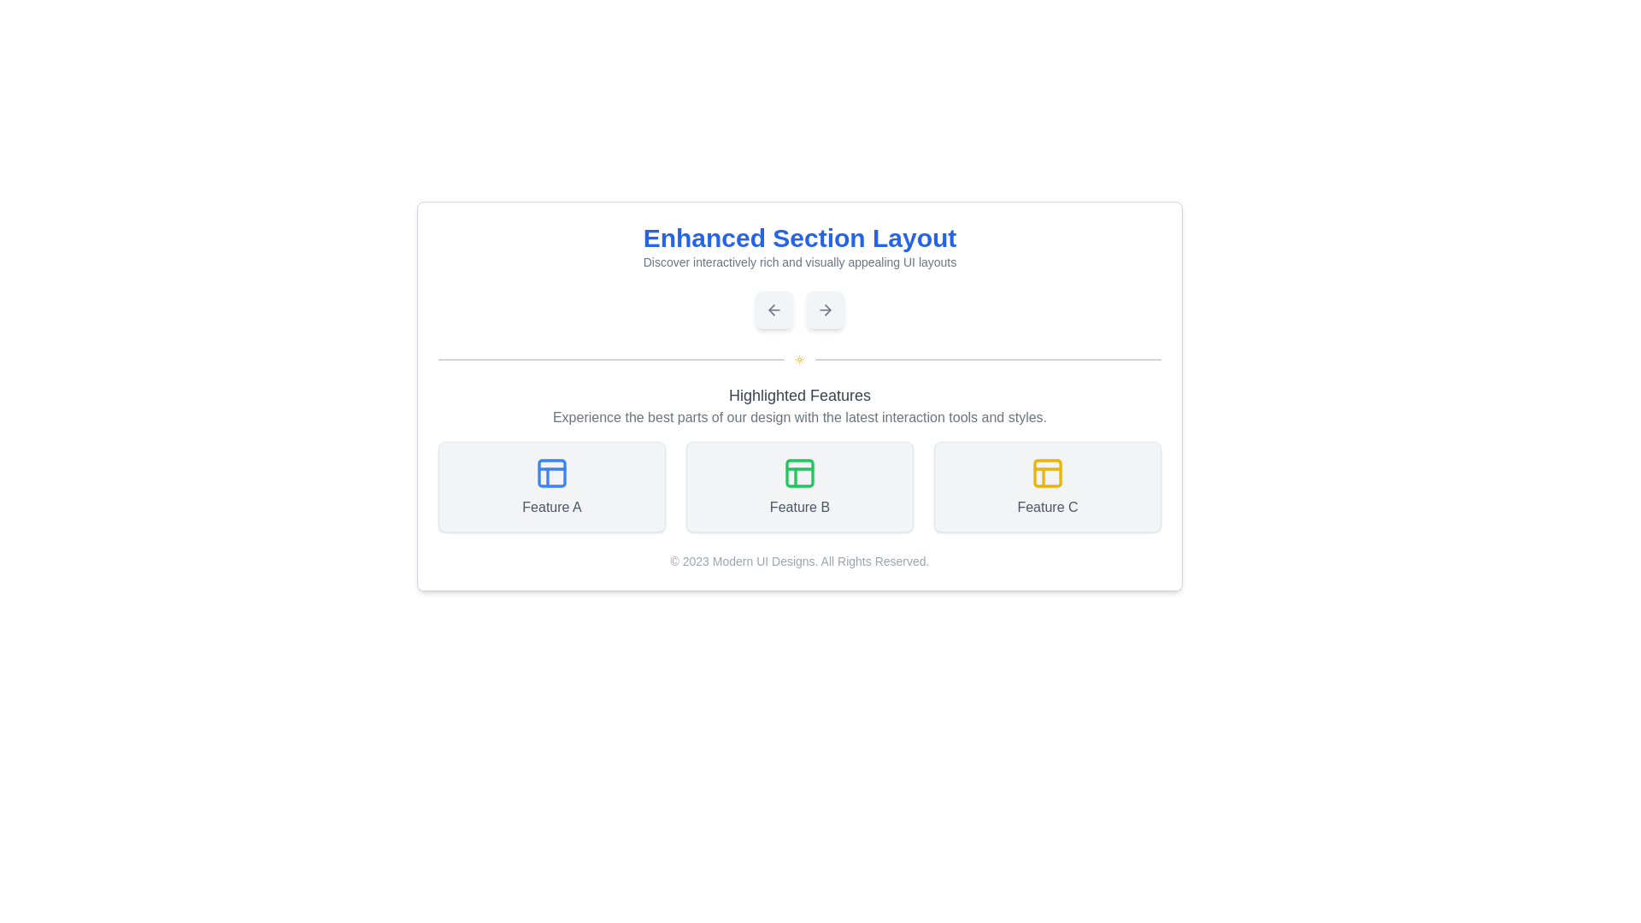 The height and width of the screenshot is (923, 1641). What do you see at coordinates (827, 309) in the screenshot?
I see `the rightward arrow icon within the navigation button` at bounding box center [827, 309].